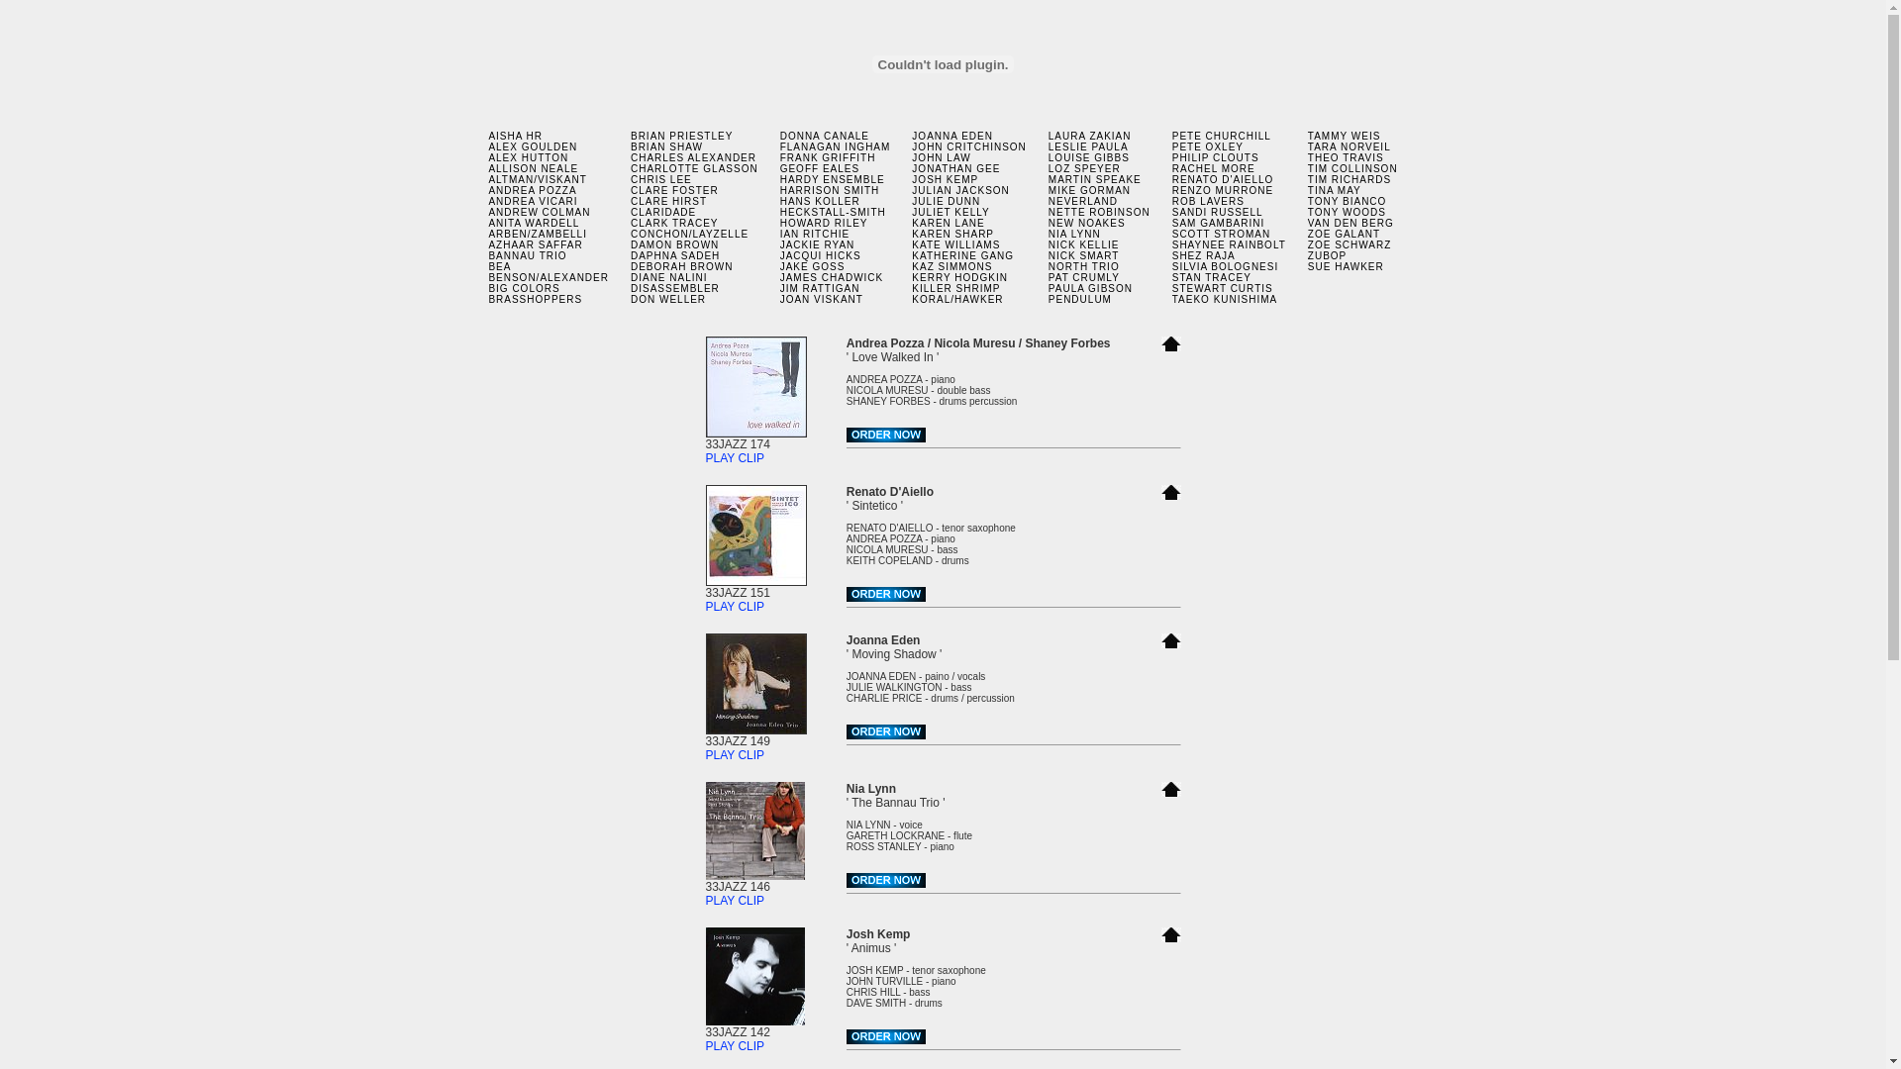 The image size is (1901, 1069). Describe the element at coordinates (947, 223) in the screenshot. I see `'KAREN LANE'` at that location.